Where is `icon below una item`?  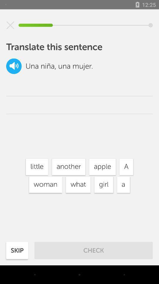
icon below una item is located at coordinates (37, 167).